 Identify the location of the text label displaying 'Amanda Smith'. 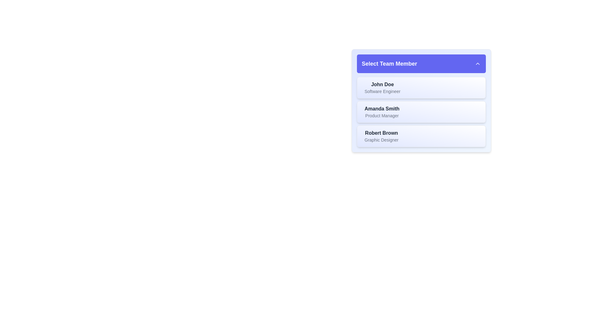
(382, 109).